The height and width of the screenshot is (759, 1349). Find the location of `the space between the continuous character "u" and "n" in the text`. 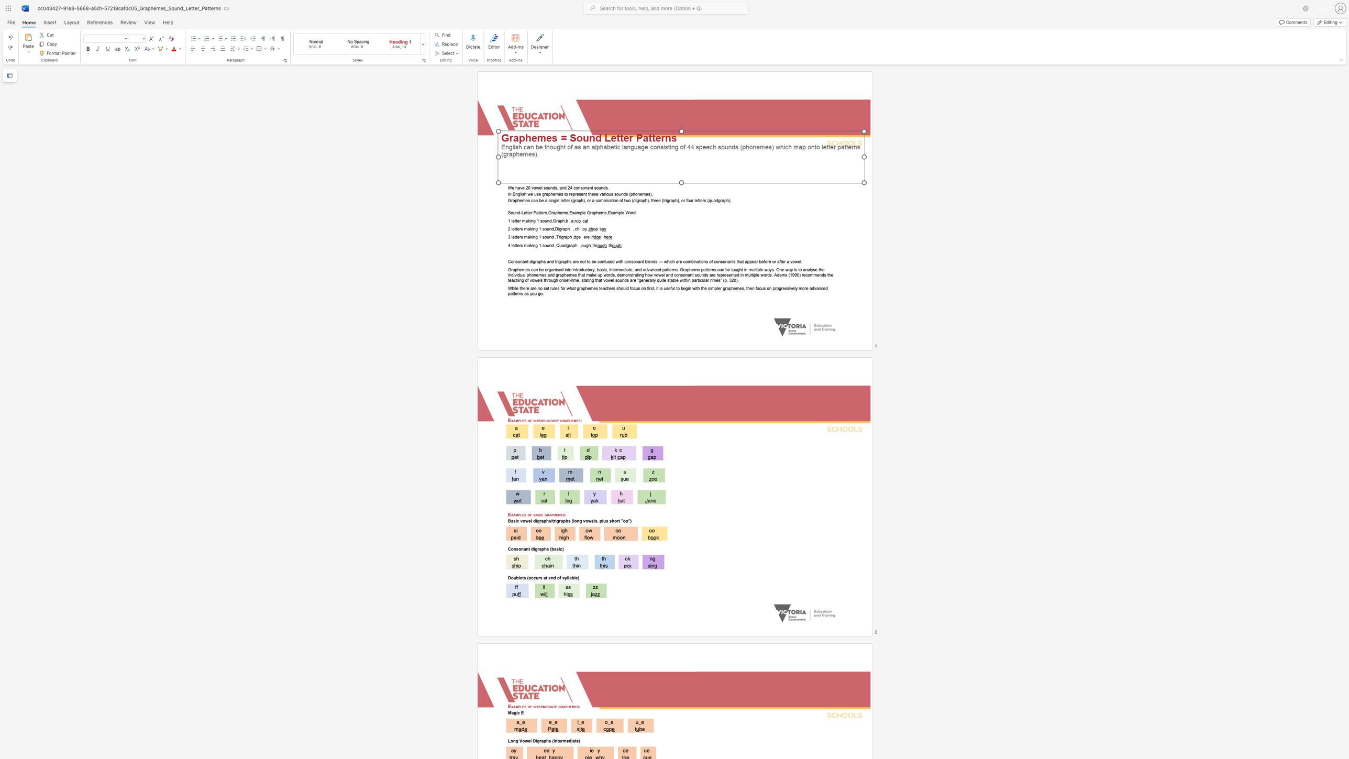

the space between the continuous character "u" and "n" in the text is located at coordinates (549, 229).